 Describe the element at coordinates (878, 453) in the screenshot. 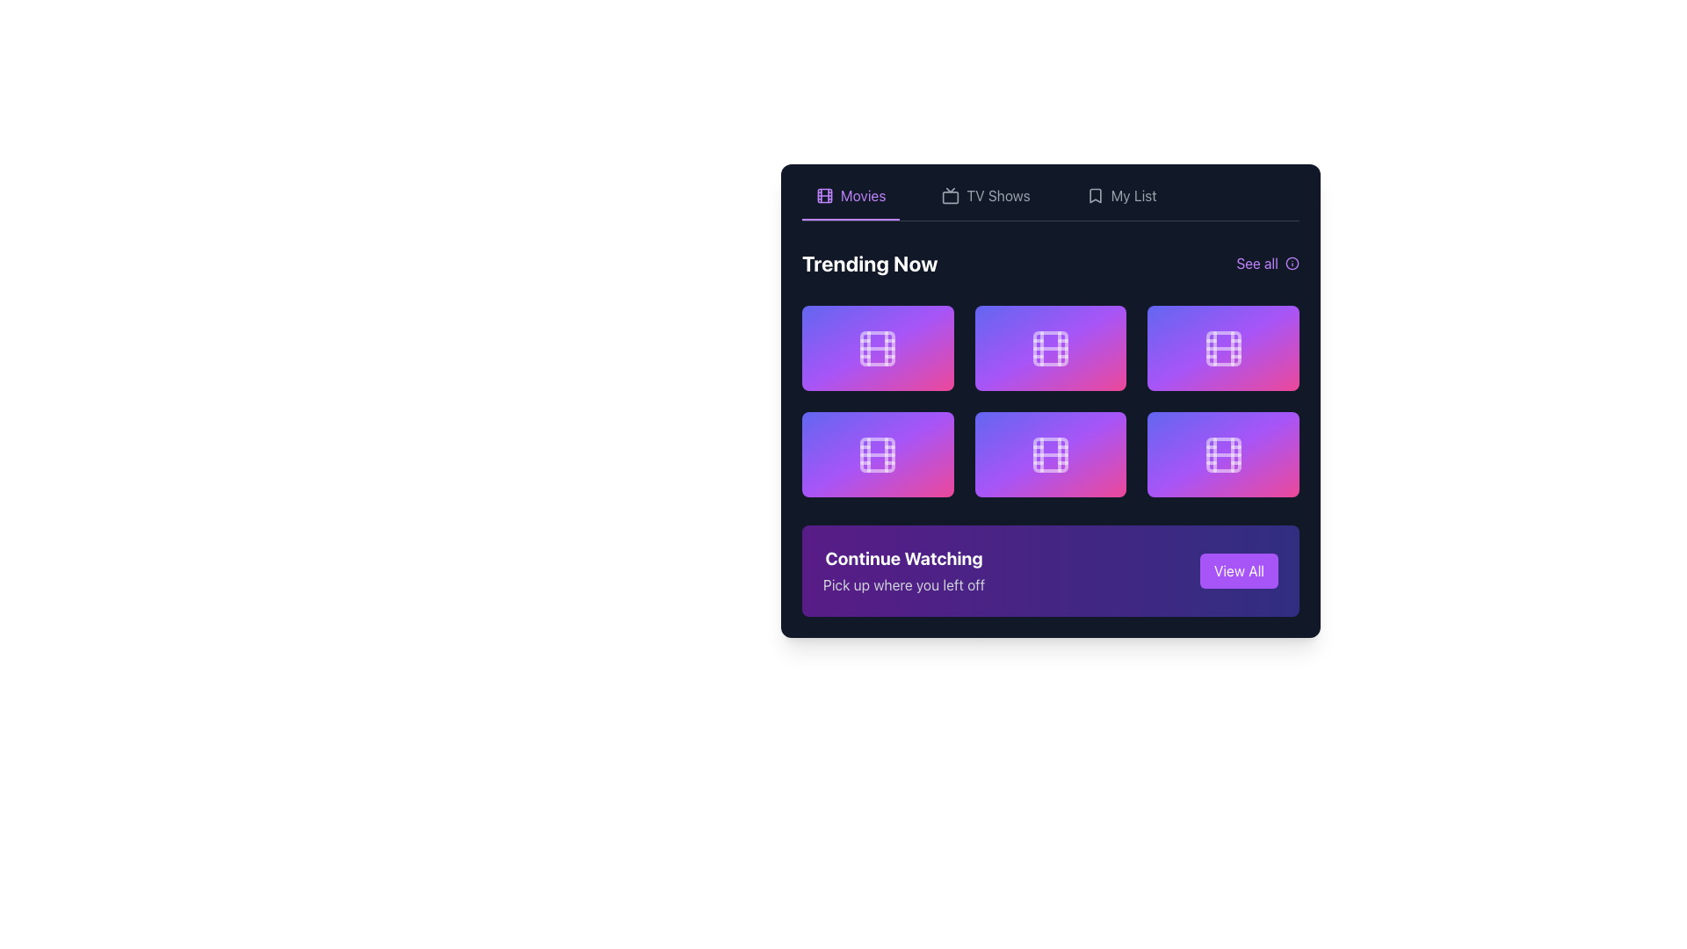

I see `the fourth interactive card in the grid under the 'Trending Now' header` at that location.